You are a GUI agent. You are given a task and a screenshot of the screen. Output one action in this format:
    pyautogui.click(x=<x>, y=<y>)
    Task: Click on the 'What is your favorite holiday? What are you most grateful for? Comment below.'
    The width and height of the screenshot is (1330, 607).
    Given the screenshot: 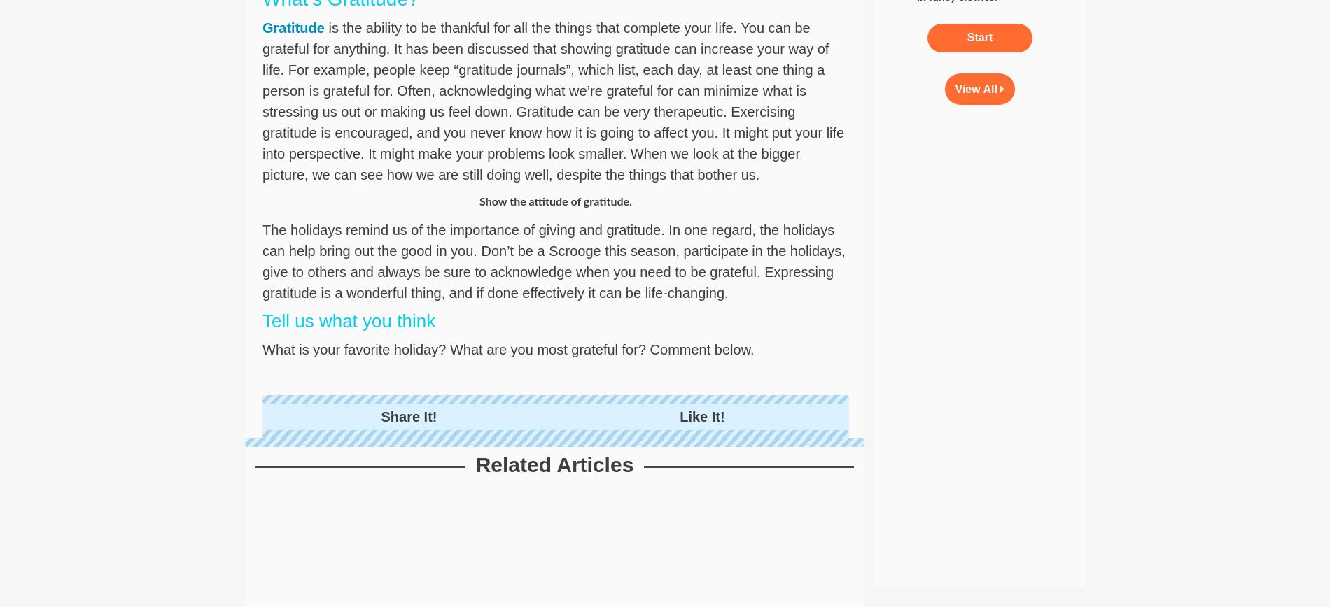 What is the action you would take?
    pyautogui.click(x=510, y=349)
    